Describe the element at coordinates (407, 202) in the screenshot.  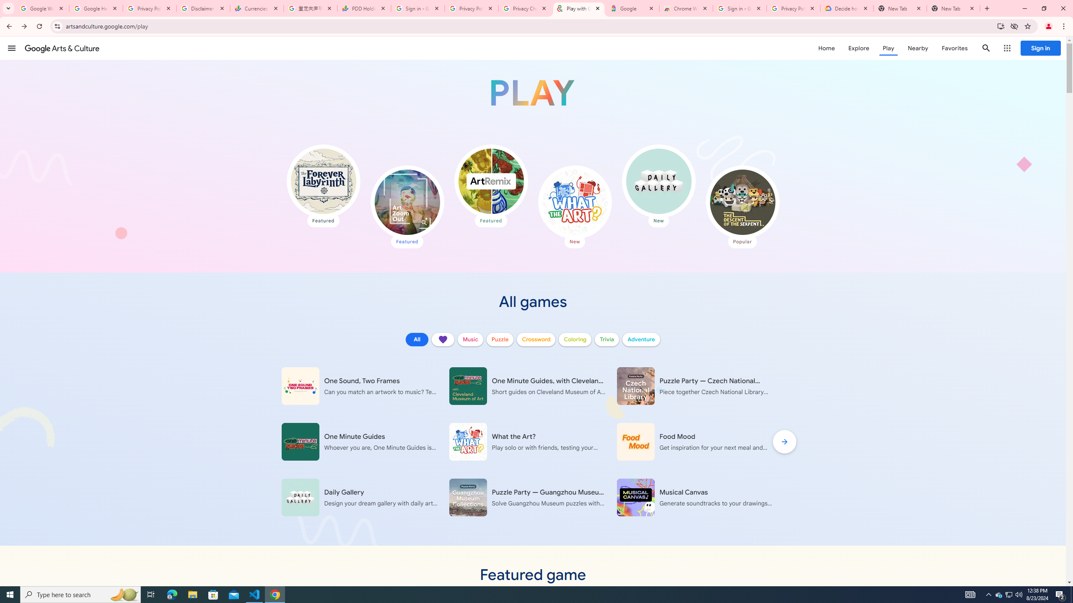
I see `'Art Zoom Out'` at that location.